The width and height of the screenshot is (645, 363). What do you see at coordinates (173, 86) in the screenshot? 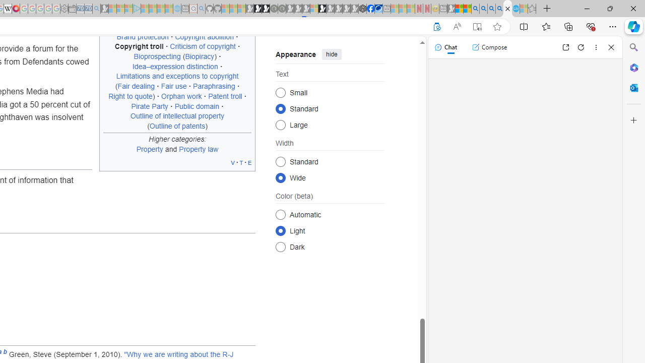
I see `'Fair use'` at bounding box center [173, 86].